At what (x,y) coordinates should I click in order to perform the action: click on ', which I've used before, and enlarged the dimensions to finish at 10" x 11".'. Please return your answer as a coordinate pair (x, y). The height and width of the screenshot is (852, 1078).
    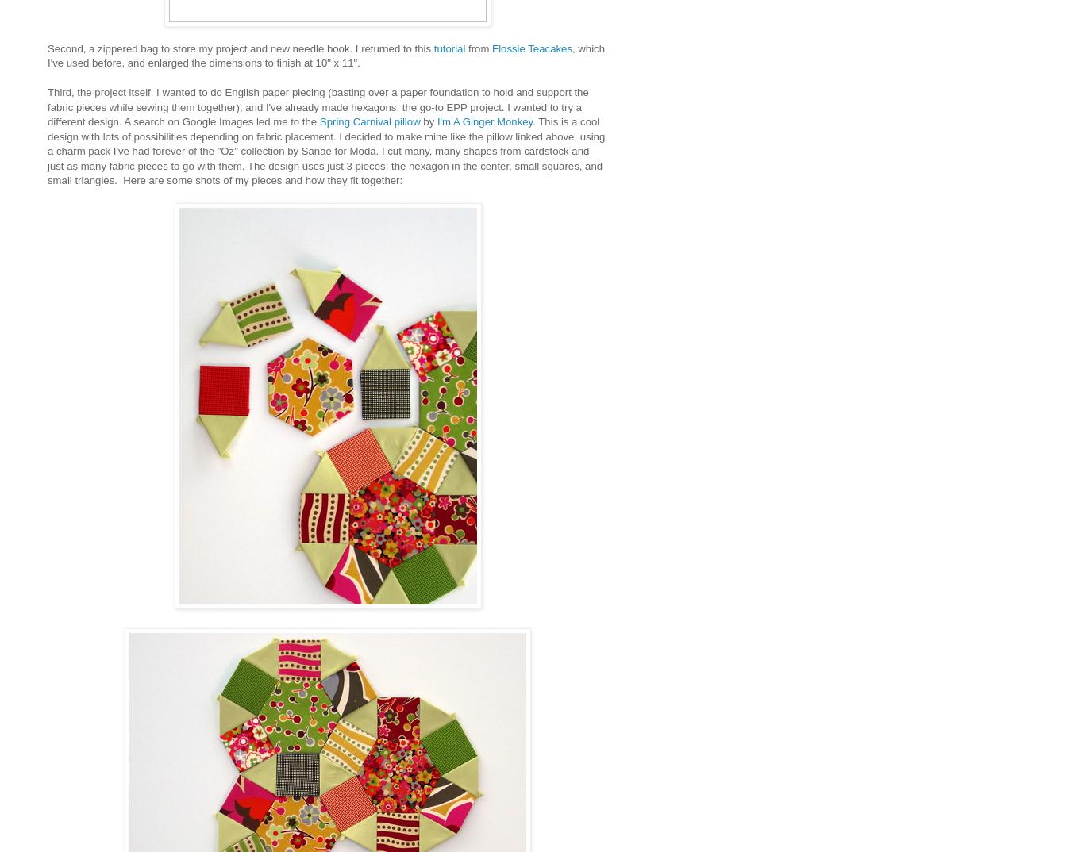
    Looking at the image, I should click on (325, 56).